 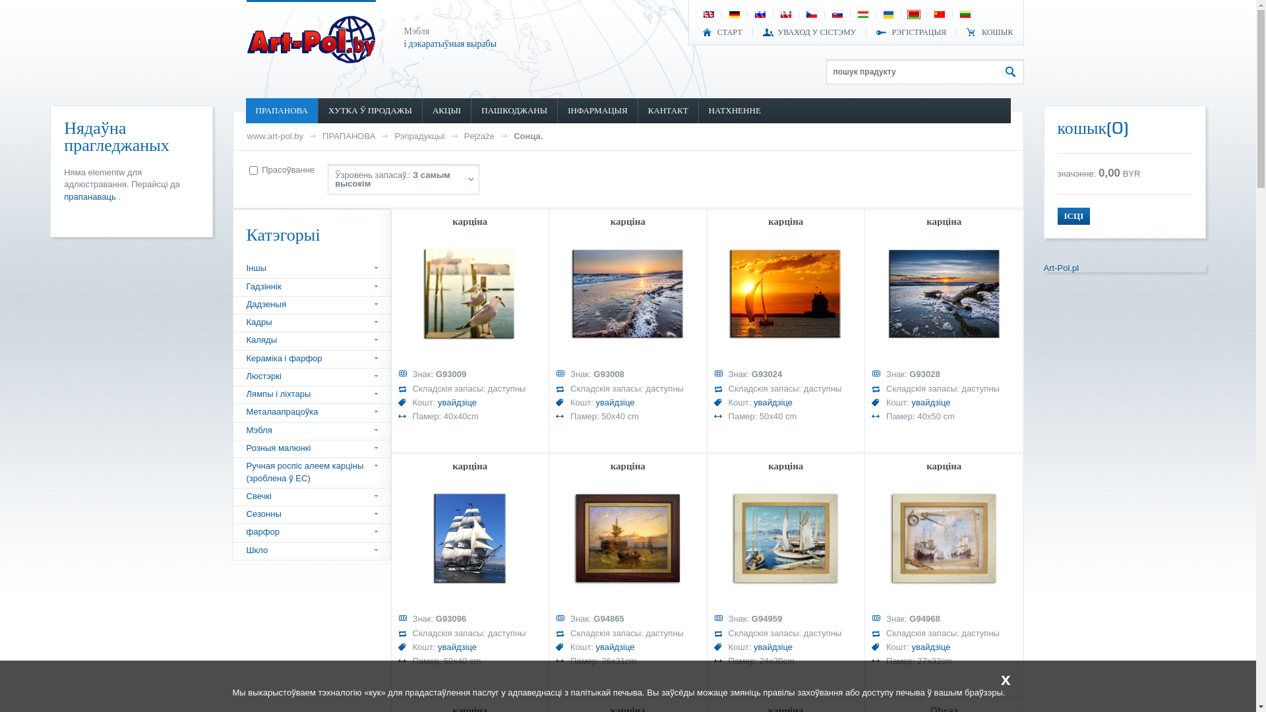 I want to click on 'de', so click(x=733, y=15).